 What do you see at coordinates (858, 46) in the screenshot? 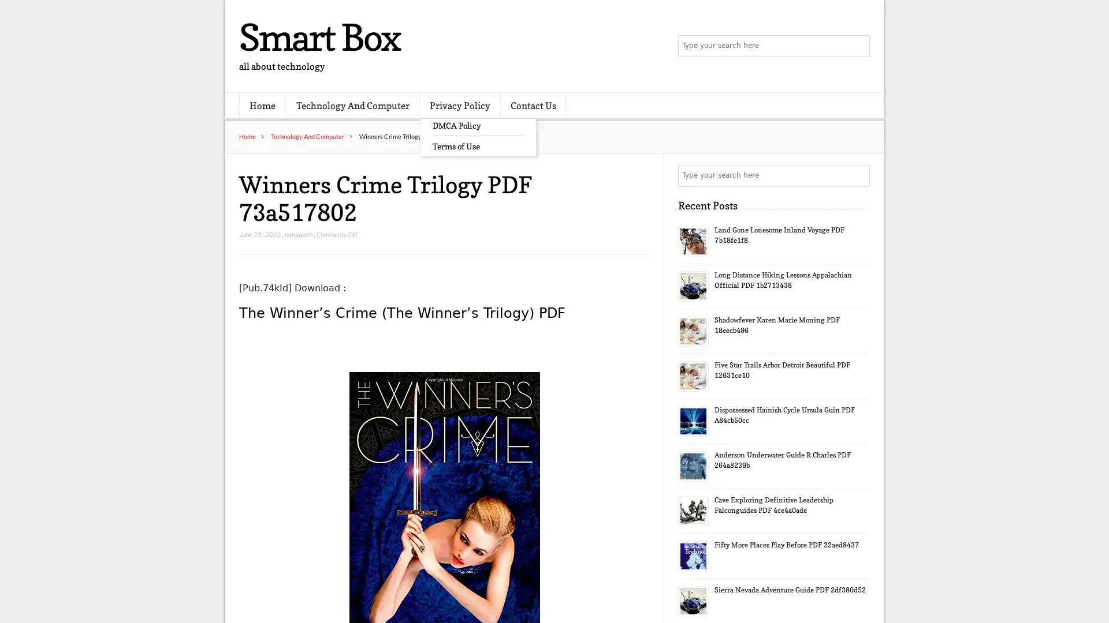
I see `Search` at bounding box center [858, 46].